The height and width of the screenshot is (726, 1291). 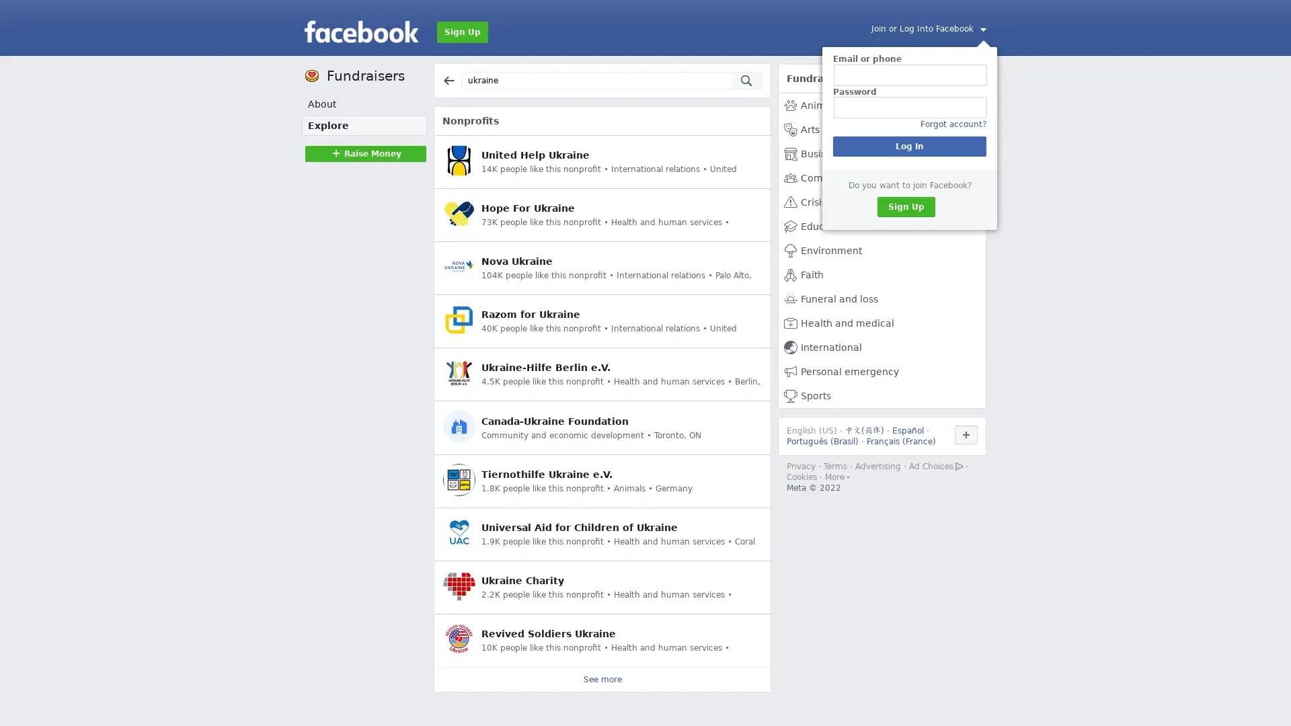 What do you see at coordinates (906, 207) in the screenshot?
I see `Sign Up` at bounding box center [906, 207].